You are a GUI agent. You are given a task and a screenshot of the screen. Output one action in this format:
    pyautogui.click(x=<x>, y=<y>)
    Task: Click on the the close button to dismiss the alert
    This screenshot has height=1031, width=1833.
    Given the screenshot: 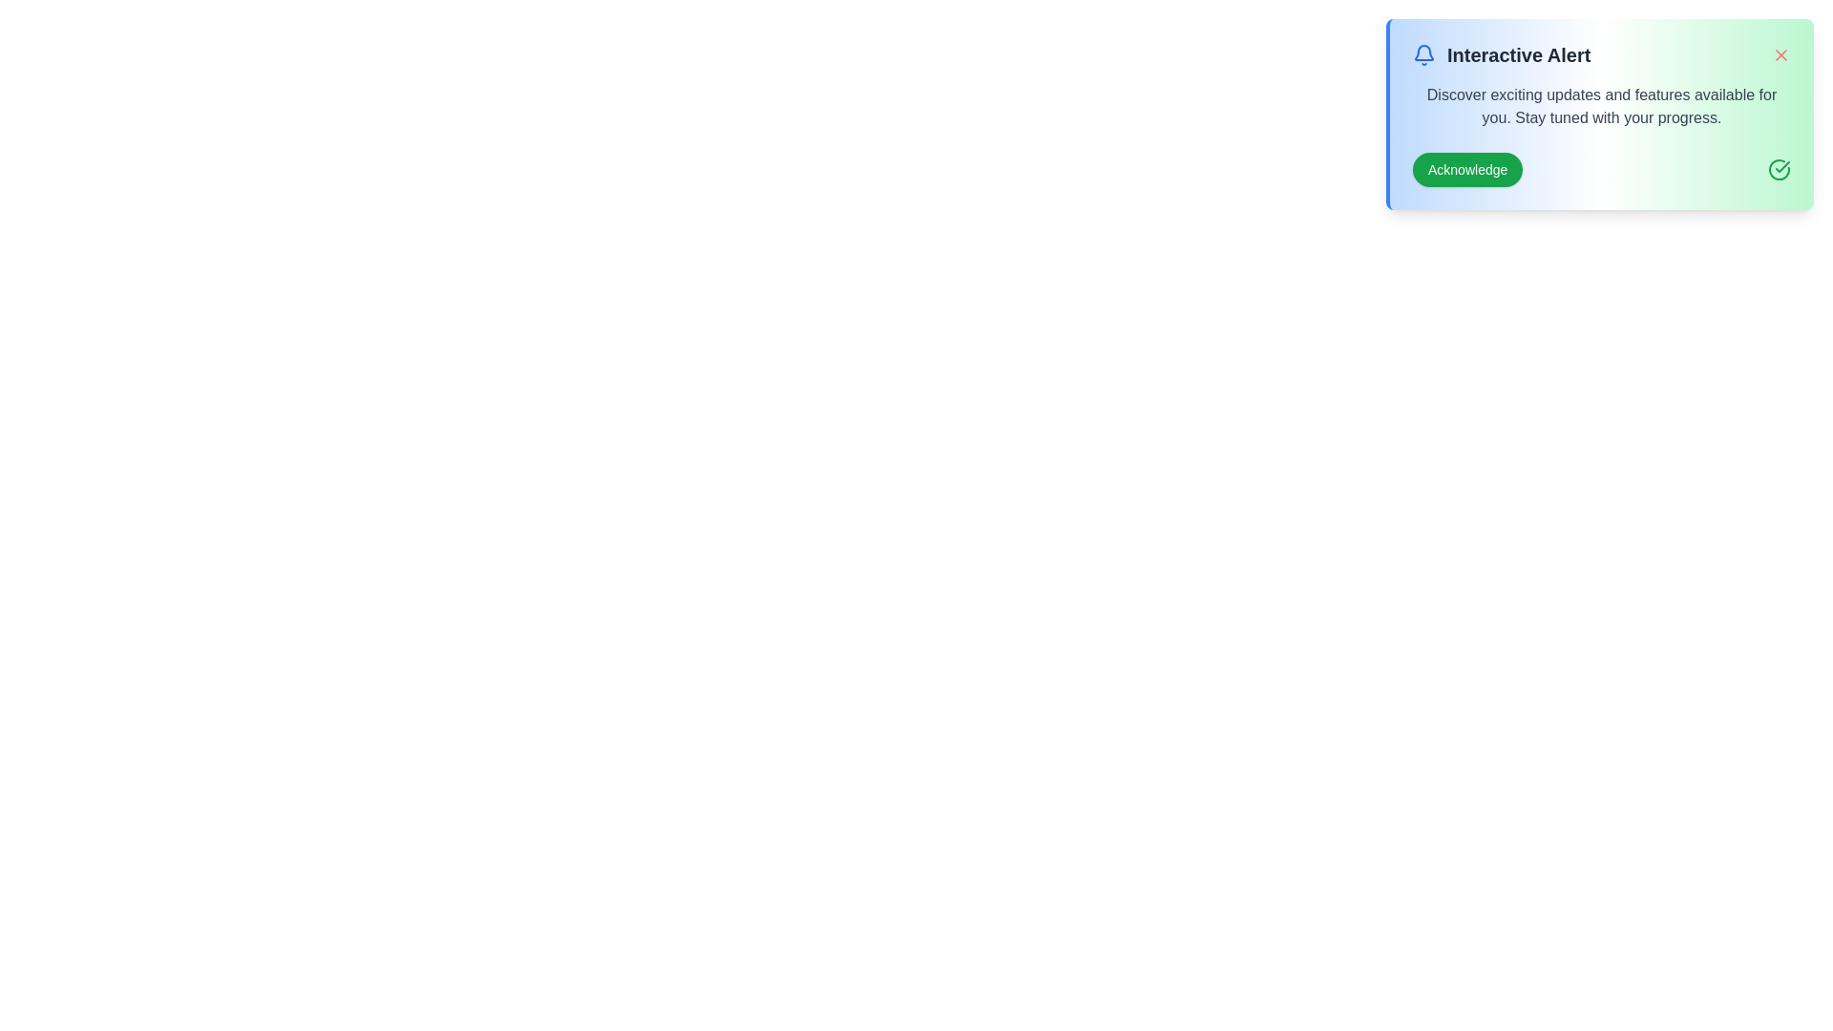 What is the action you would take?
    pyautogui.click(x=1780, y=53)
    